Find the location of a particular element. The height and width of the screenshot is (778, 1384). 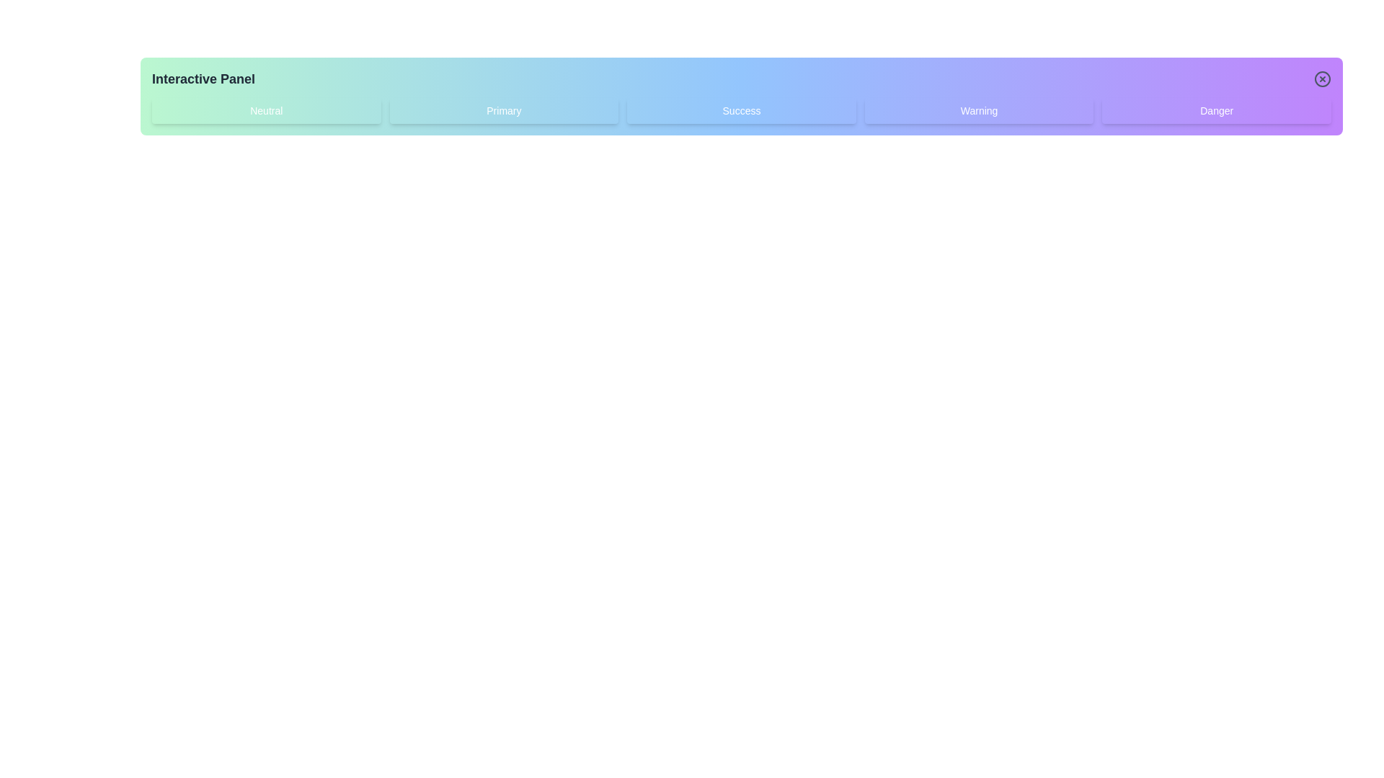

the small circular gray button with a cross (X) inside, located at the far-right edge of the 'Interactive Panel' is located at coordinates (1322, 79).